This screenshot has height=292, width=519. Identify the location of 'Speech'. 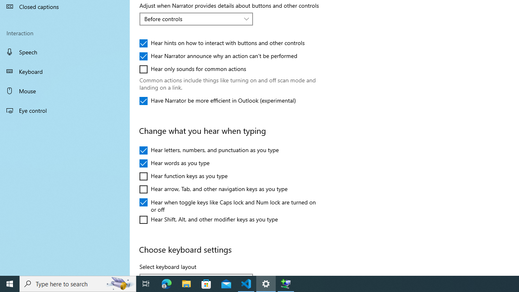
(65, 52).